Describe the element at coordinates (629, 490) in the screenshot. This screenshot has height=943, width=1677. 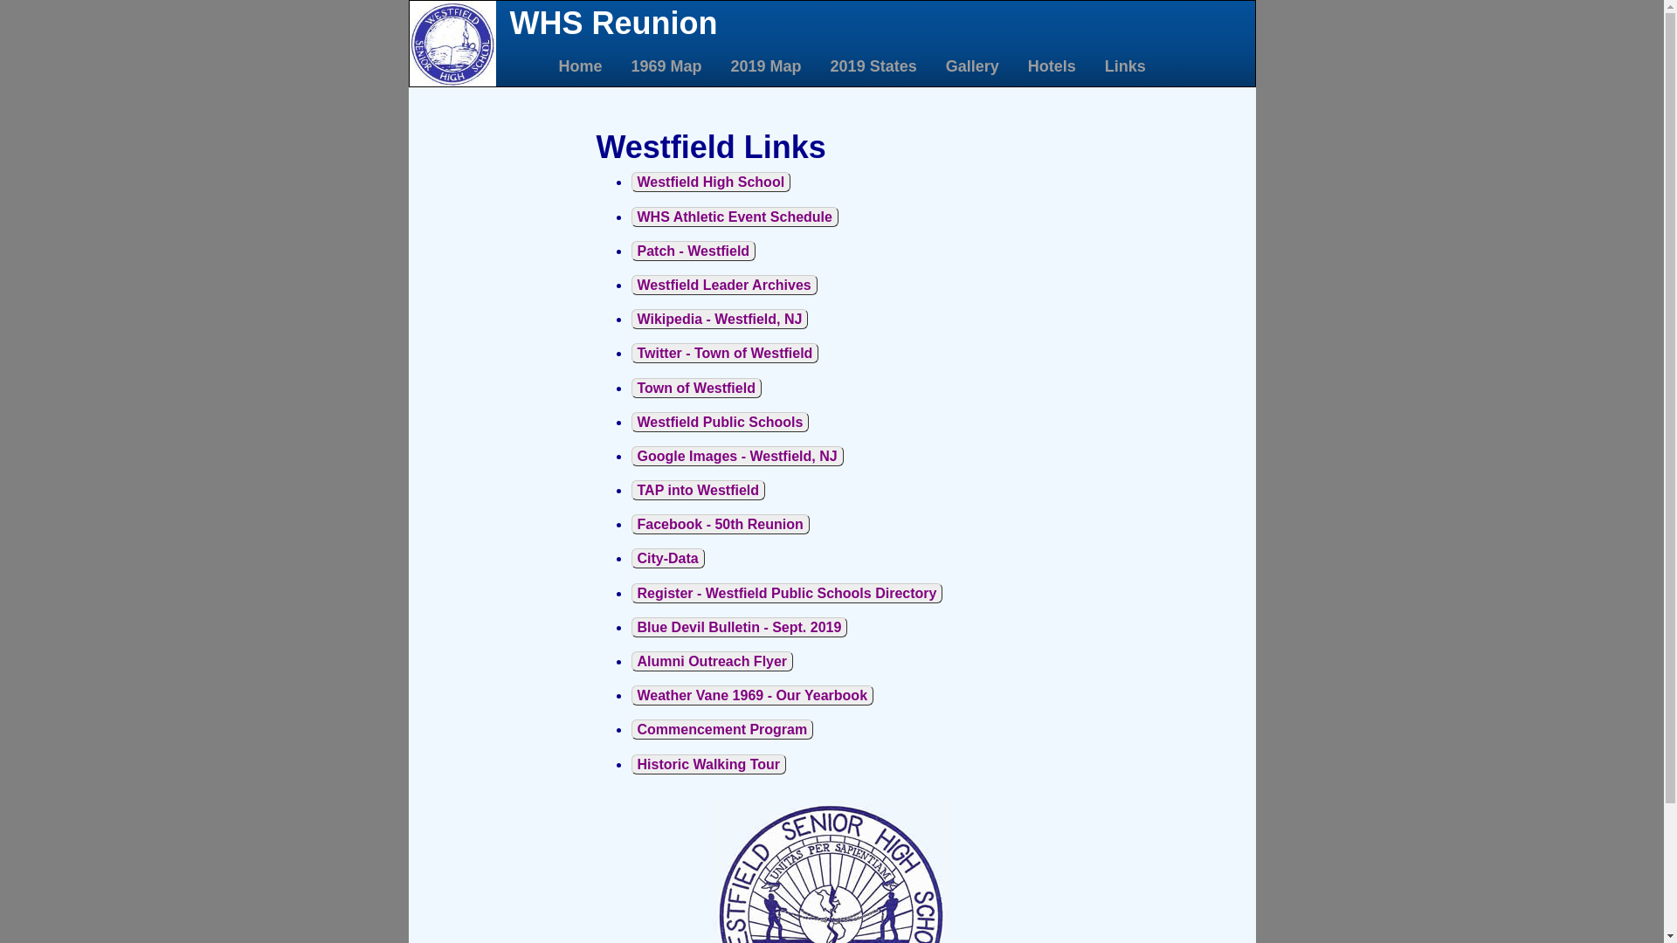
I see `'TAP into Westfield'` at that location.